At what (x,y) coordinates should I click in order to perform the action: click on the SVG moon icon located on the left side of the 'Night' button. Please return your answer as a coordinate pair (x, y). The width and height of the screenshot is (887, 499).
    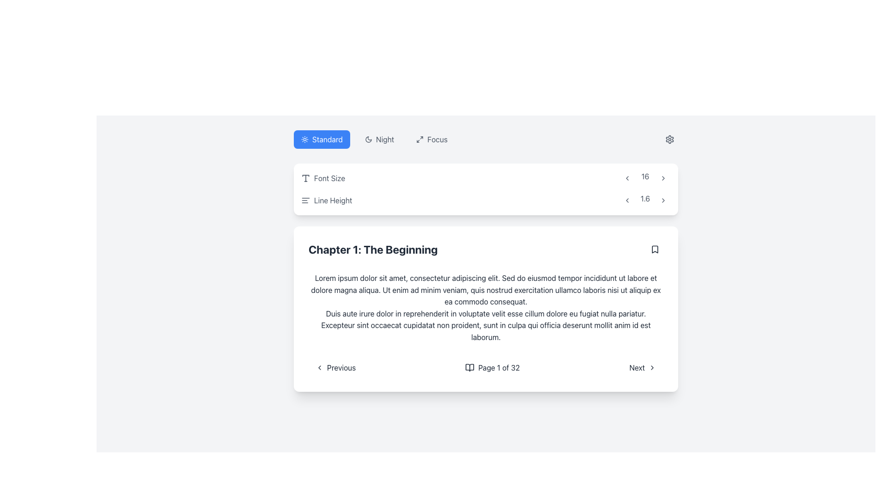
    Looking at the image, I should click on (368, 139).